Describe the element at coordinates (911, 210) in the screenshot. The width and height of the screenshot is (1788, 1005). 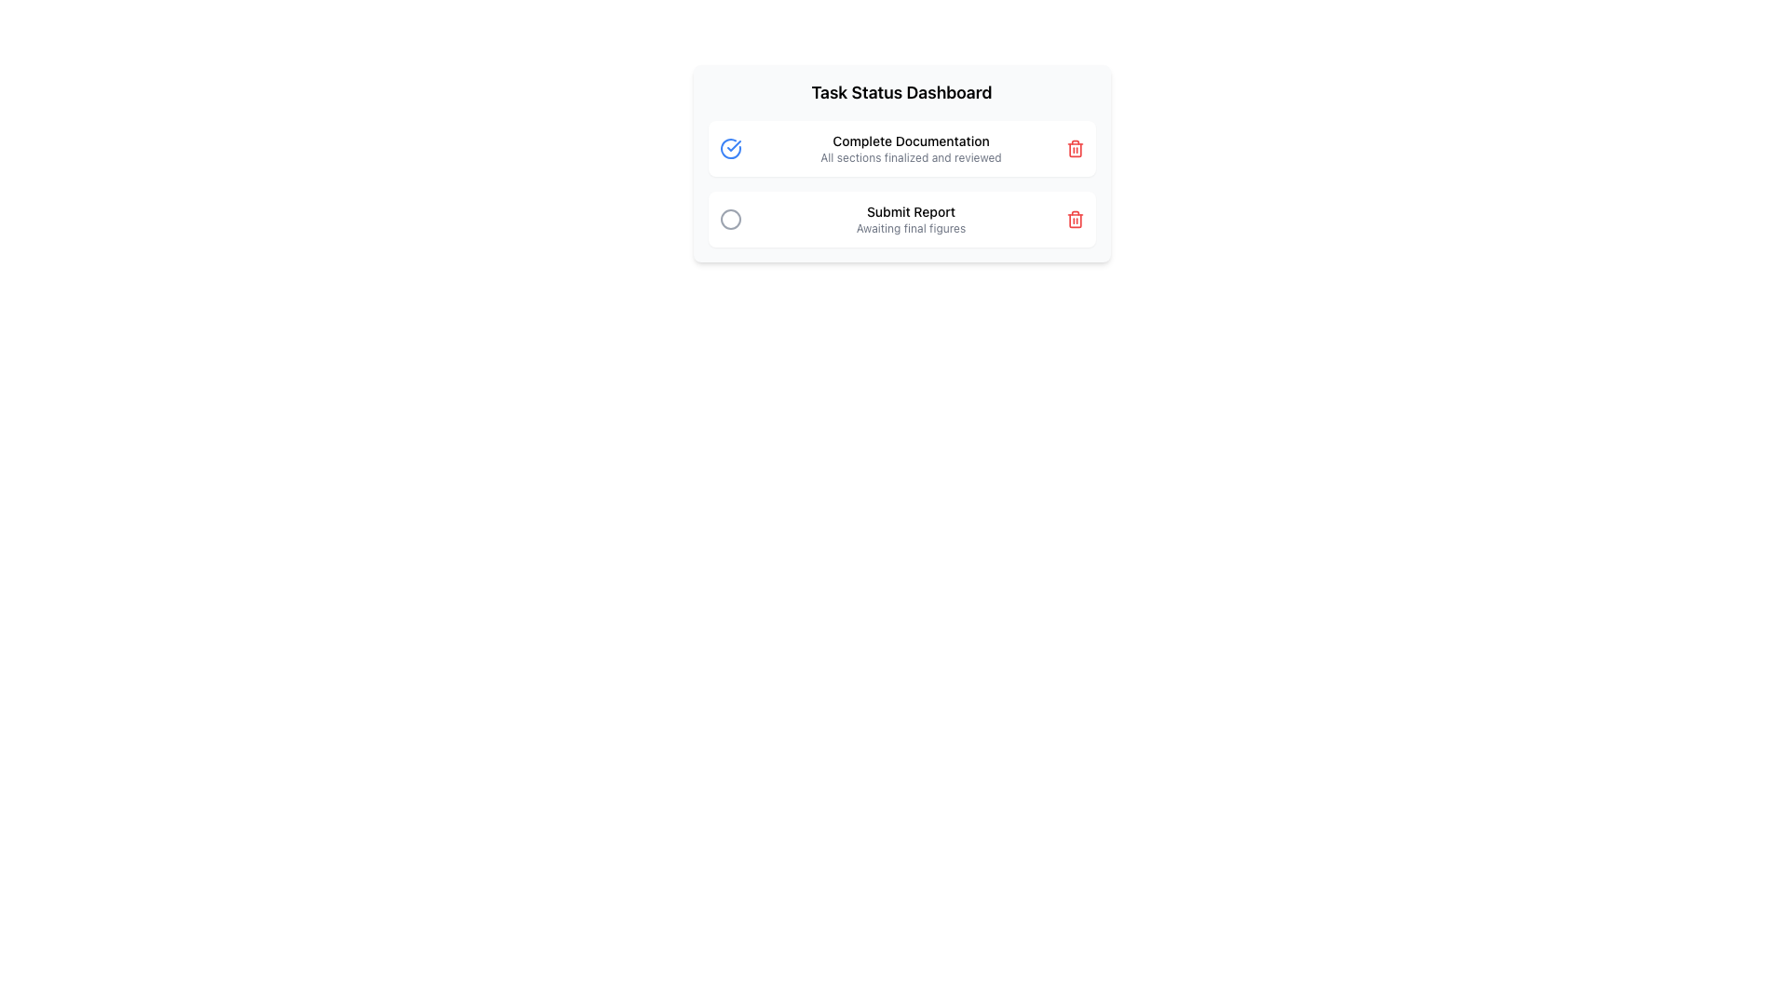
I see `the 'Submit Report' text label, which is styled with a medium-weight font and is positioned as the title of a section within the second task of a vertical task list` at that location.